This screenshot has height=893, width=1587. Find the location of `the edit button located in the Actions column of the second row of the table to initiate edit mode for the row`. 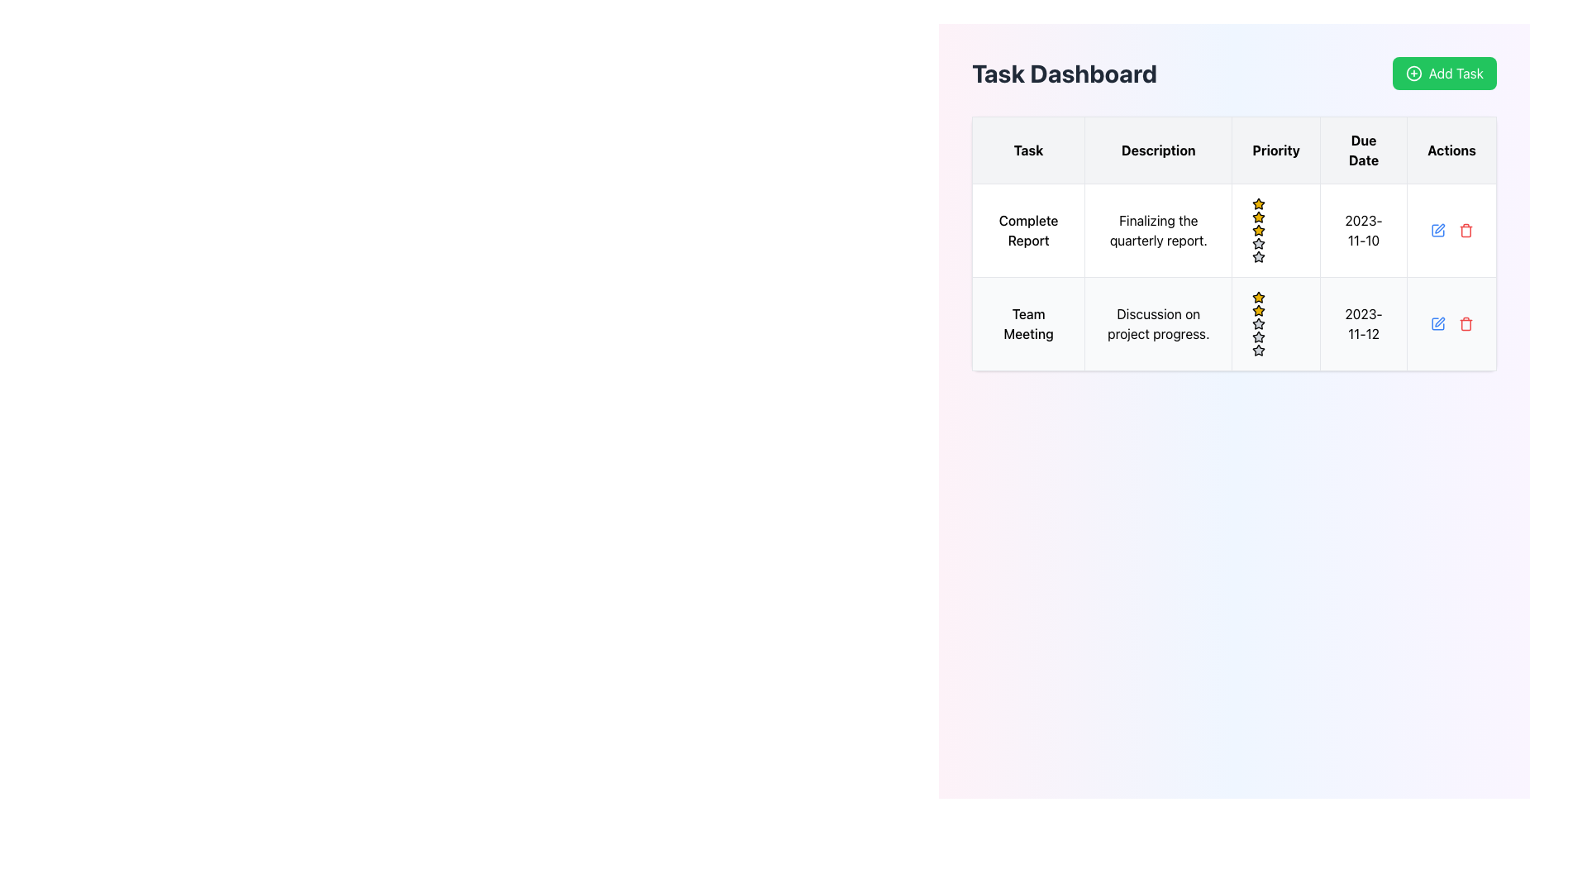

the edit button located in the Actions column of the second row of the table to initiate edit mode for the row is located at coordinates (1437, 324).